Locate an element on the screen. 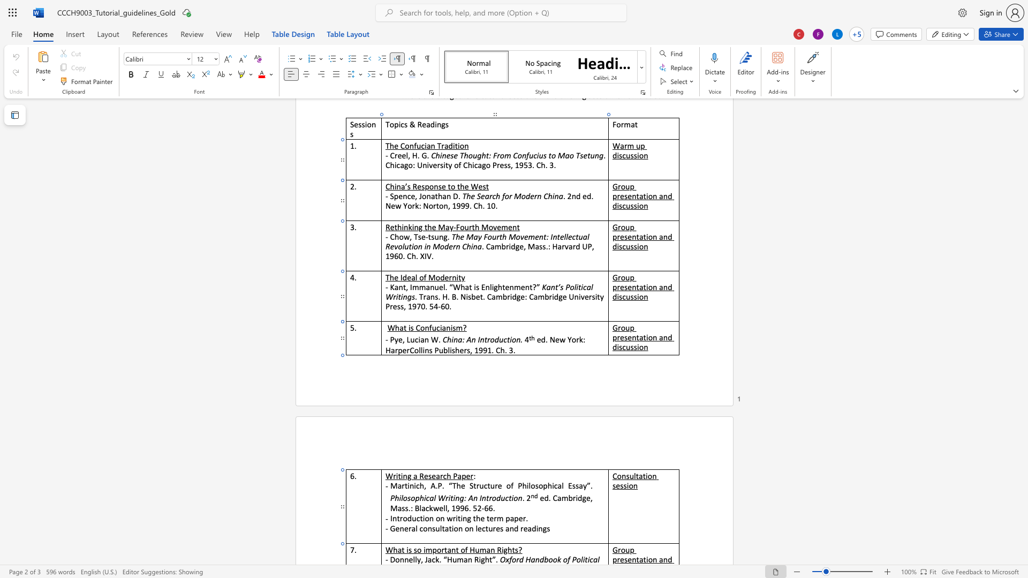 Image resolution: width=1028 pixels, height=578 pixels. the space between the continuous character "n" and "n" in the text is located at coordinates (404, 559).